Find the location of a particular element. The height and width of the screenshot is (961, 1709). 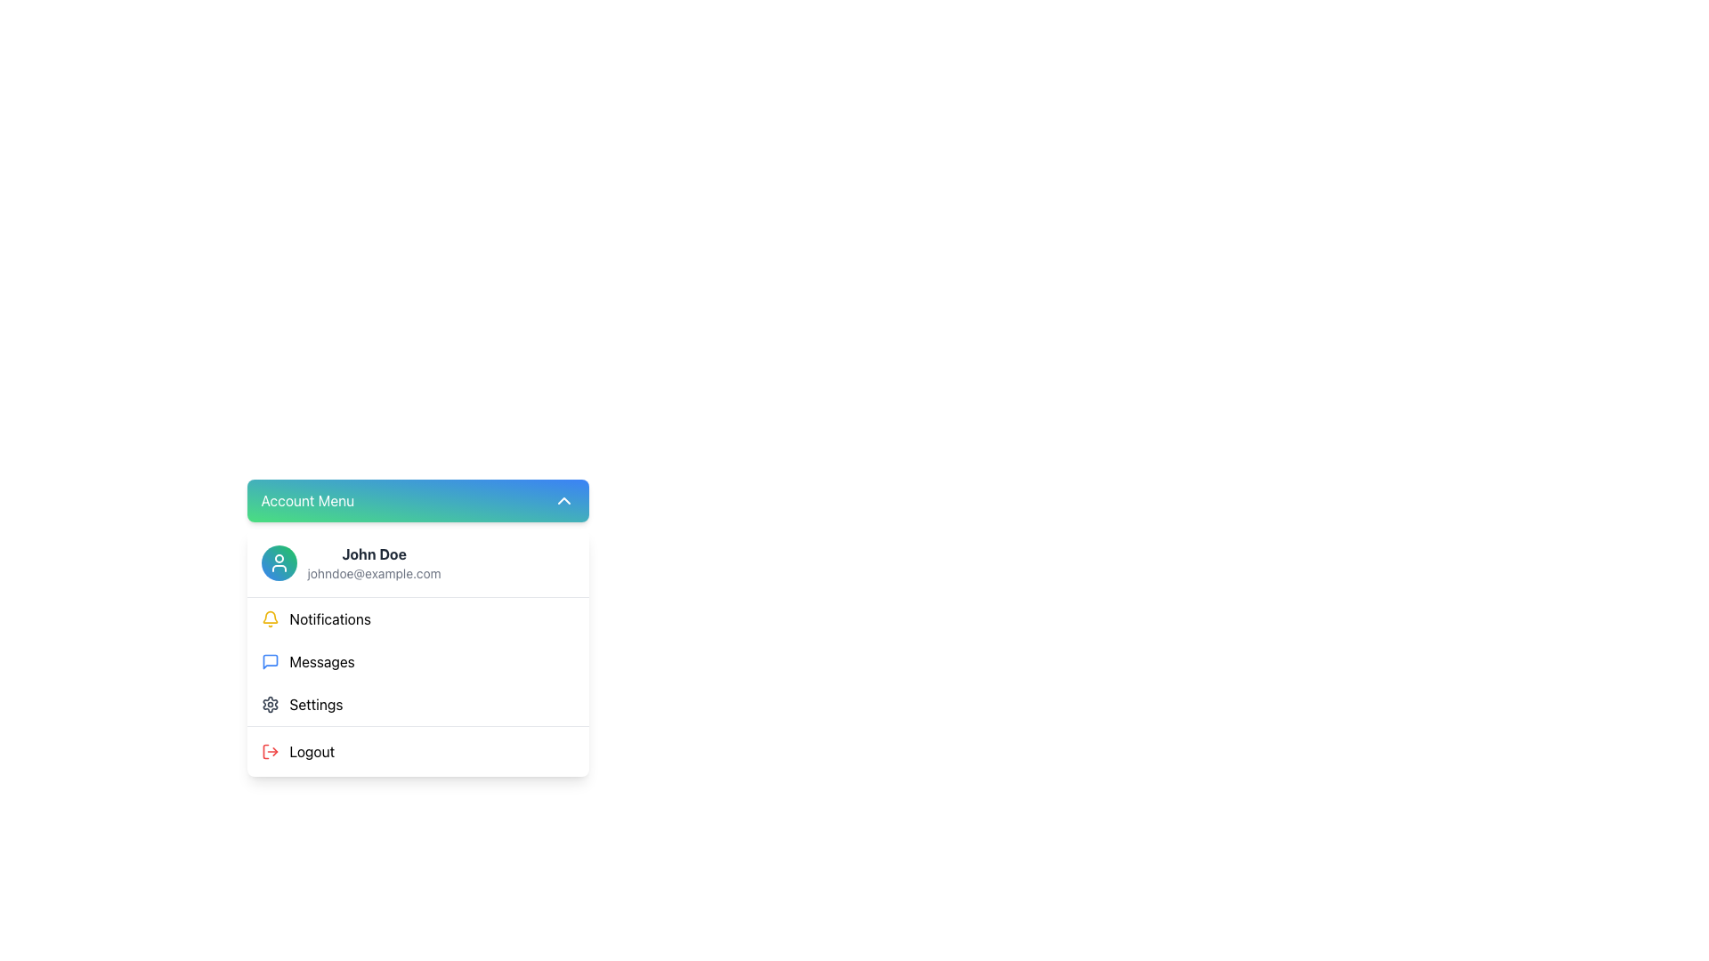

the gear-shaped icon associated with the 'Settings' option in the account menu, which is the leftmost icon aligned with the text 'Settings' is located at coordinates (269, 703).